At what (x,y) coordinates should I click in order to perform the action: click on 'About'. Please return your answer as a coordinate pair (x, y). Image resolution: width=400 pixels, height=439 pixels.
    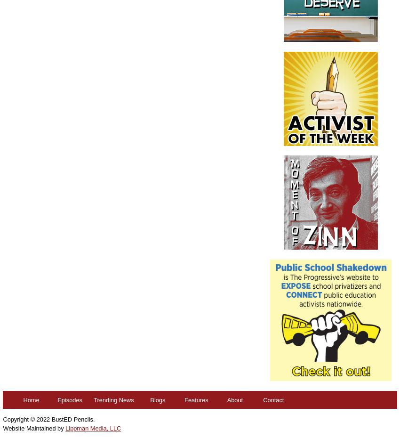
    Looking at the image, I should click on (227, 399).